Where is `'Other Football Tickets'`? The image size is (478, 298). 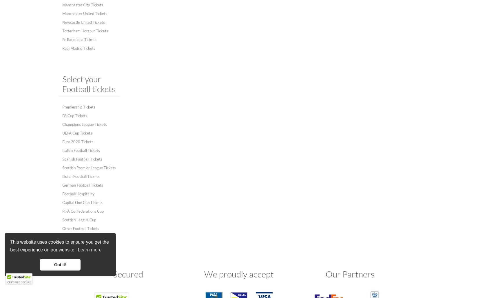
'Other Football Tickets' is located at coordinates (81, 228).